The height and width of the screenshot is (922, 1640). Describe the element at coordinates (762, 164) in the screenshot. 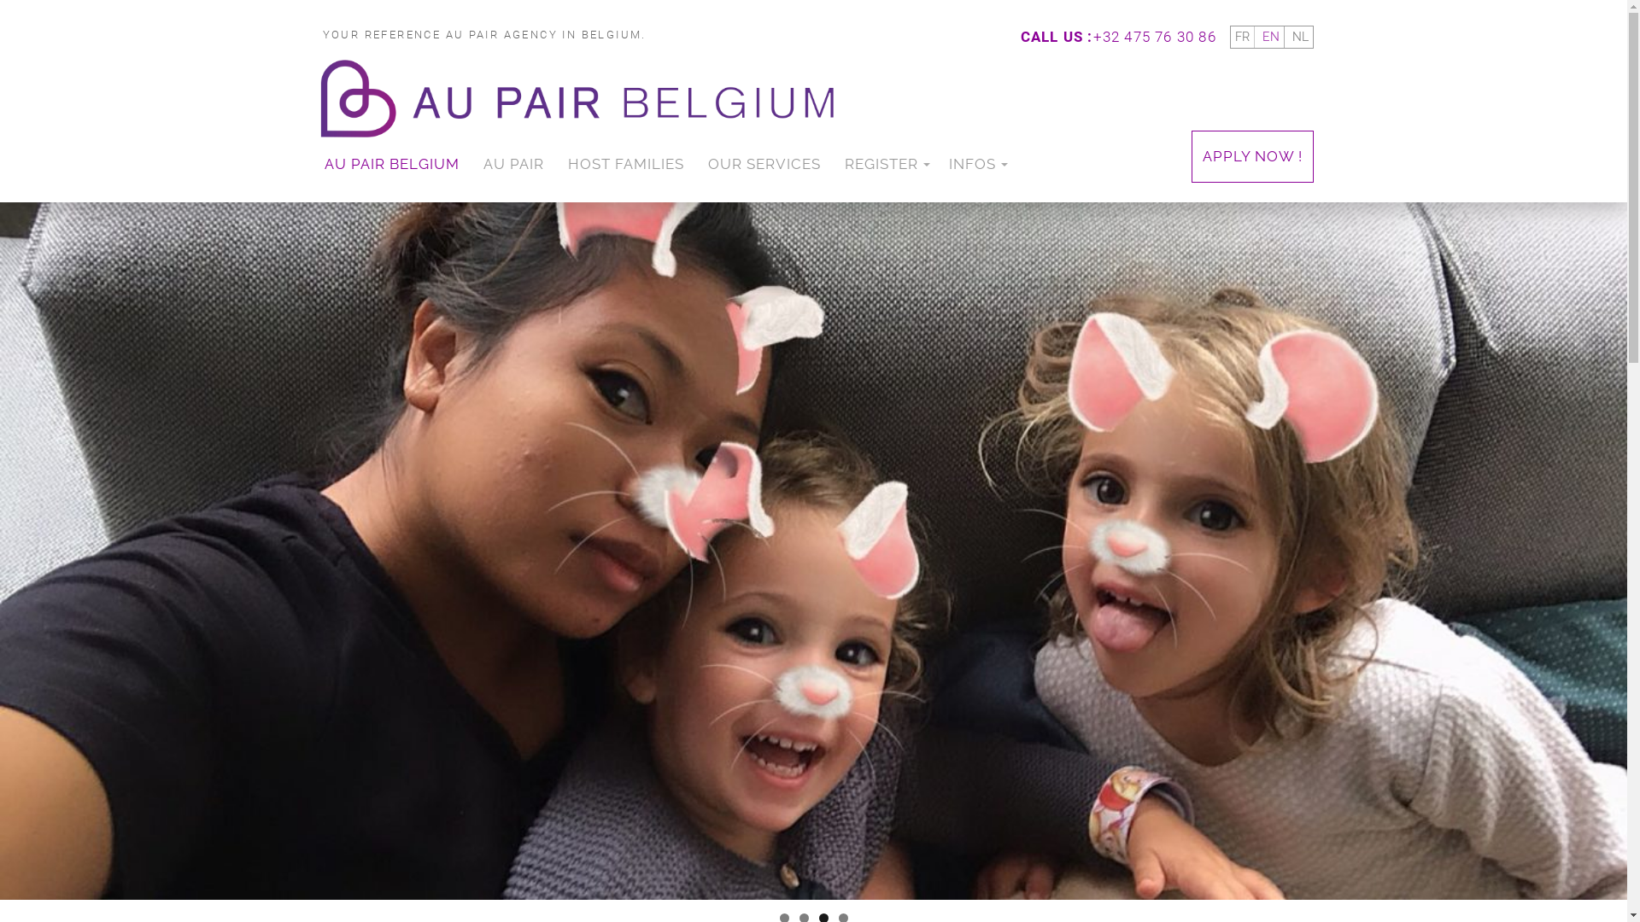

I see `'OUR SERVICES'` at that location.